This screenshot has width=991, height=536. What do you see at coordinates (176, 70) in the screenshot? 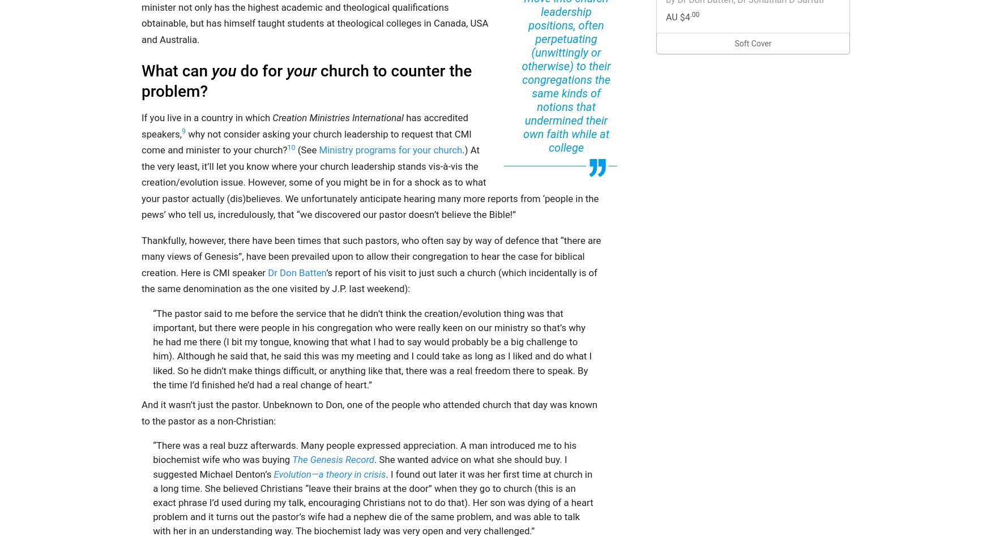
I see `'What can'` at bounding box center [176, 70].